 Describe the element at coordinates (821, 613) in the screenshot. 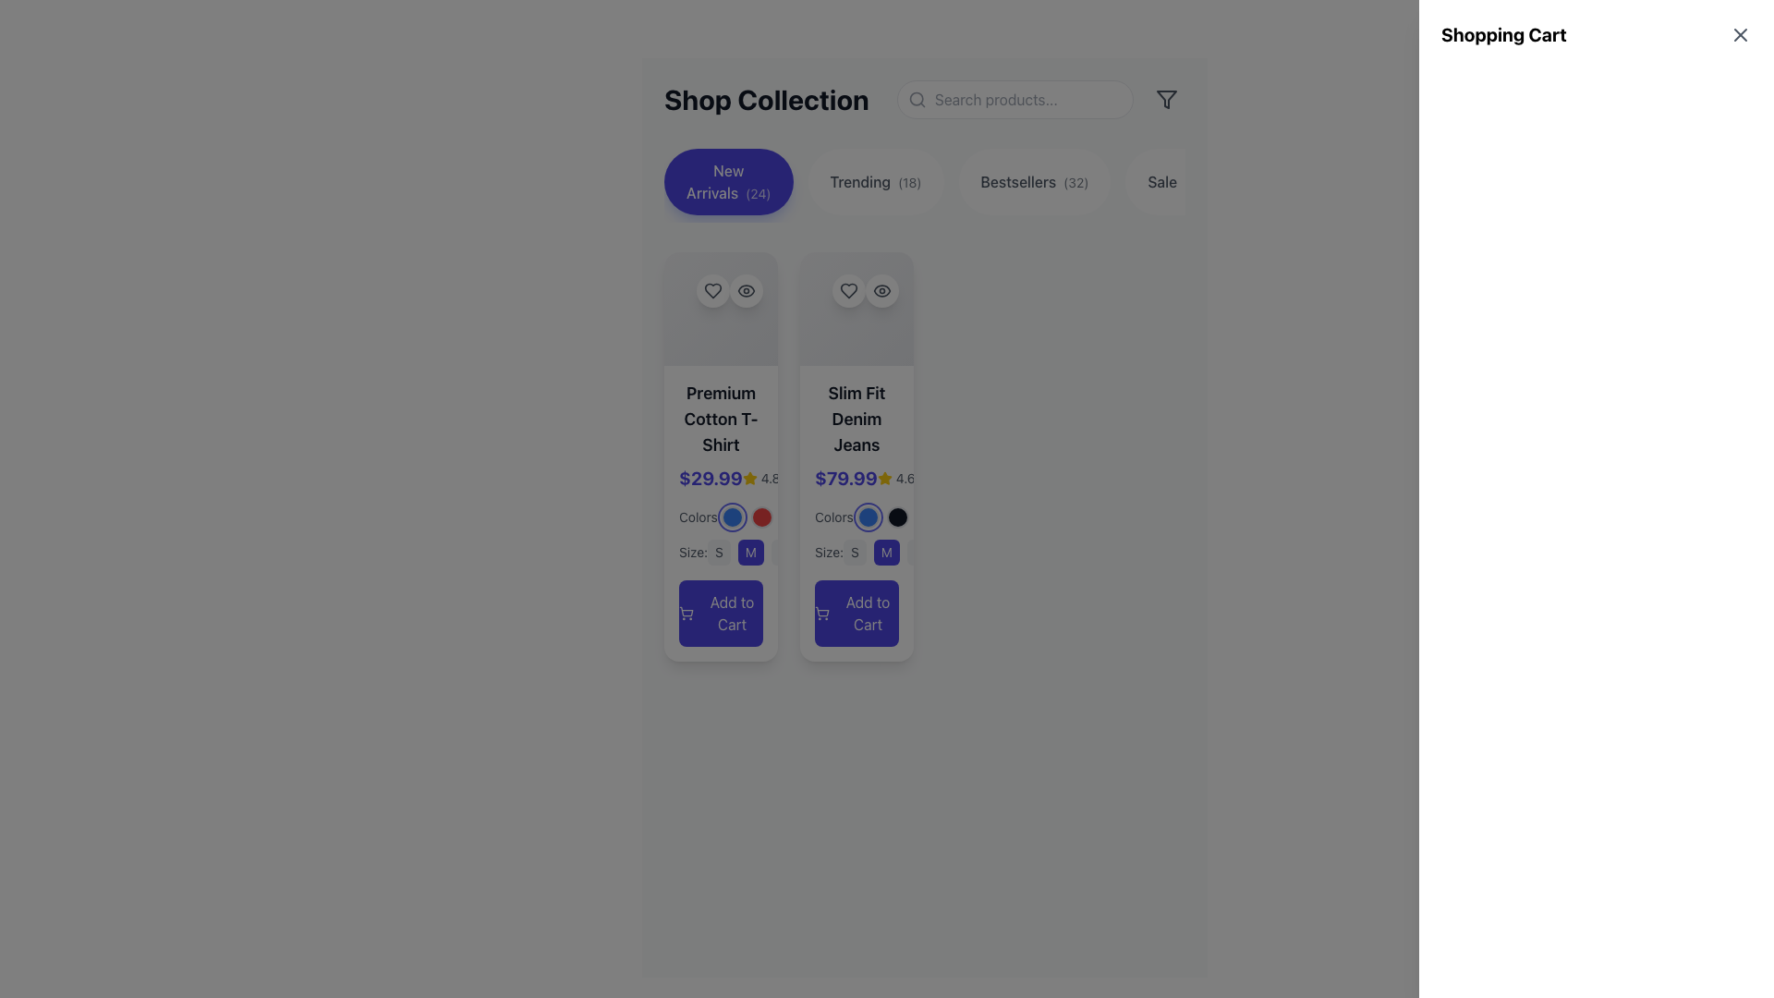

I see `the 'Add to Cart' icon for the 'Slim Fit Denim Jeans' product, which is located on the left side of the button at the bottom of the product card` at that location.